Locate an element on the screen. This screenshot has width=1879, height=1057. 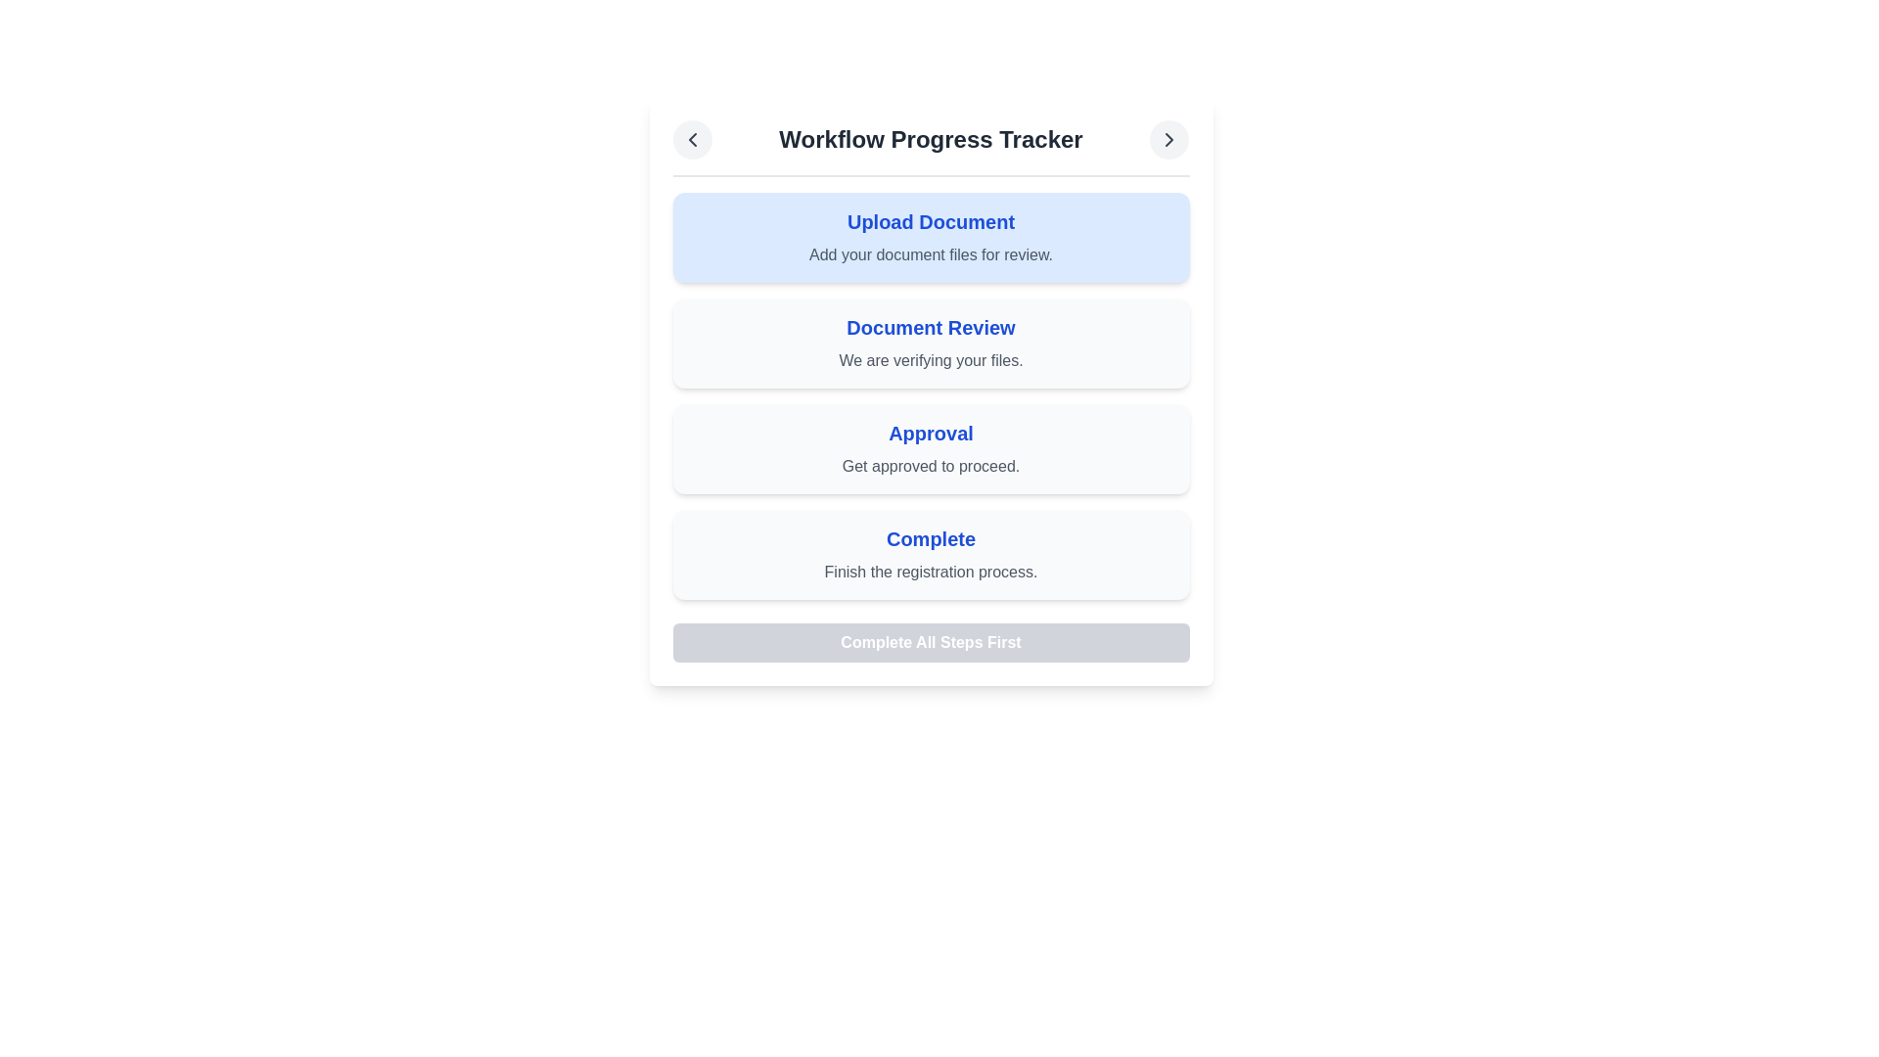
the Informational card that provides information about the approval step in a workflow, located as the third card in a vertical list of four cards is located at coordinates (930, 449).